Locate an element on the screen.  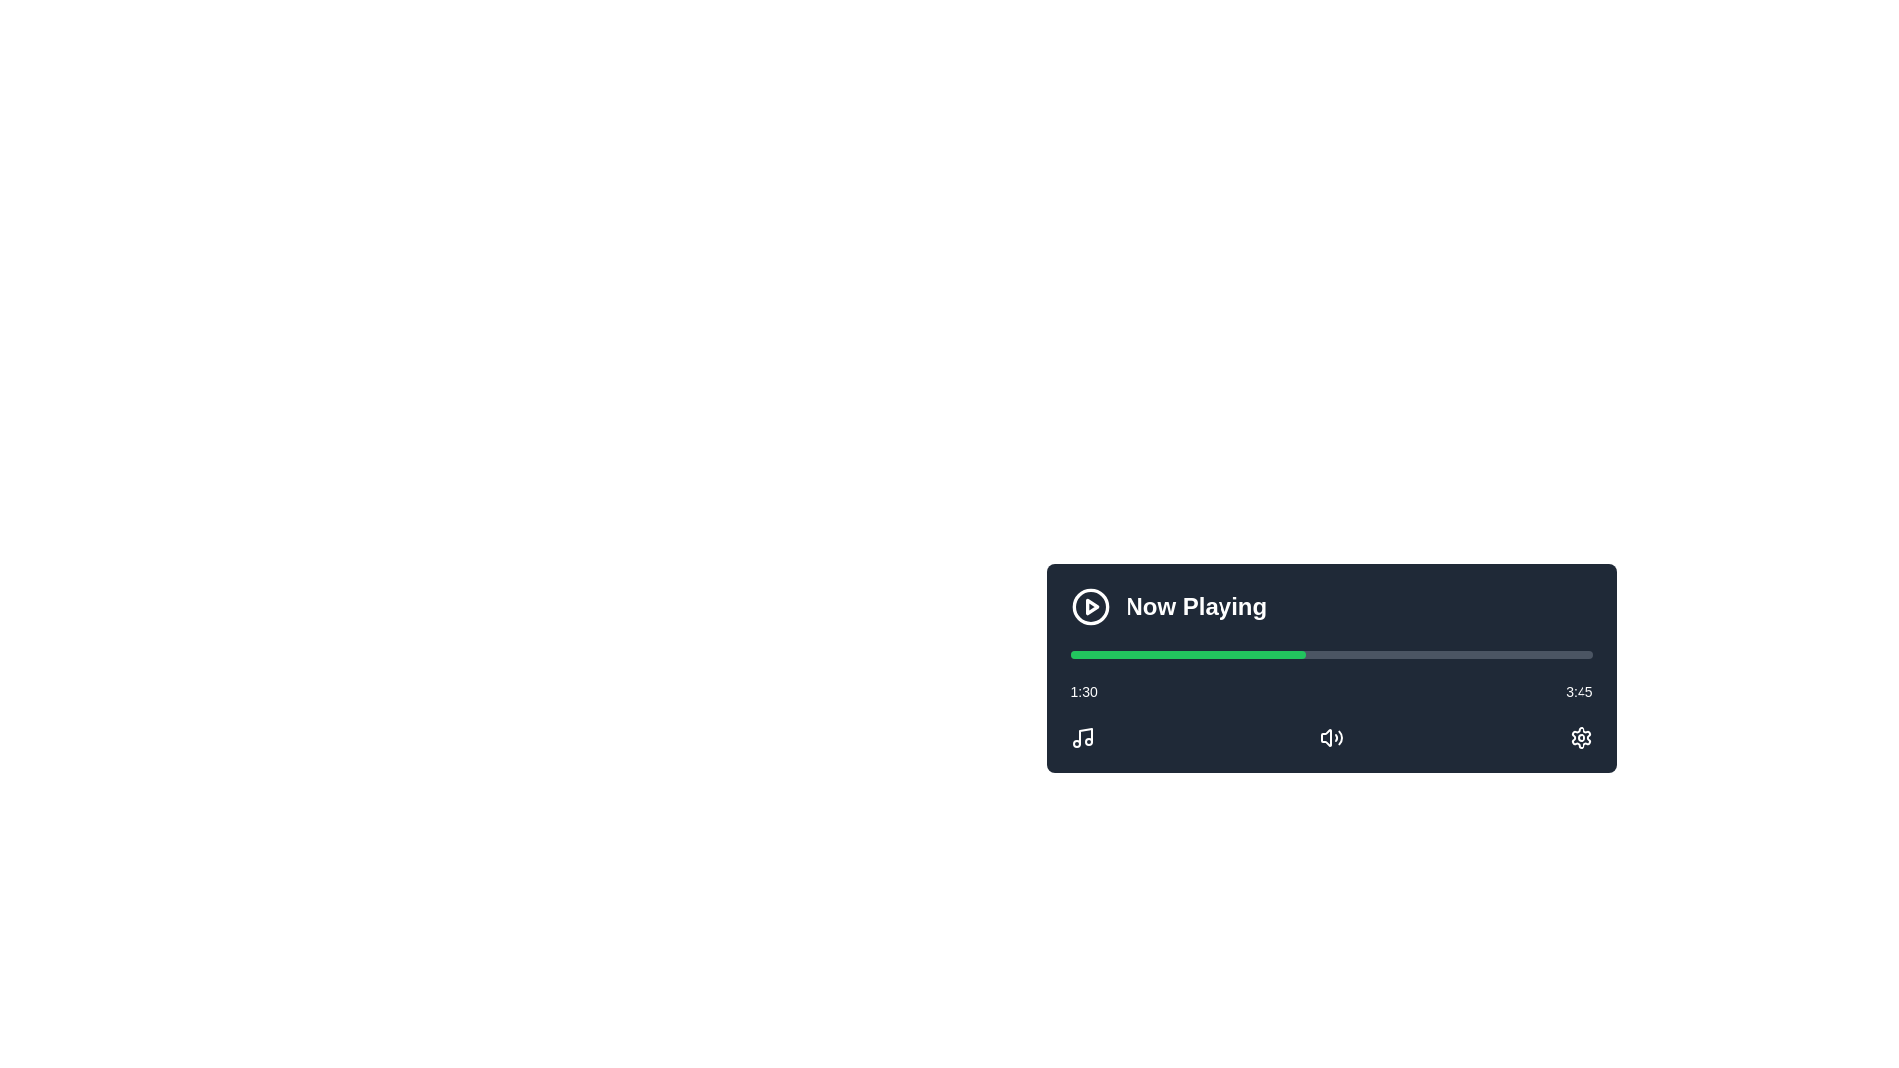
the horizontal progress bar of the Media Control Panel to update the media progress is located at coordinates (1331, 667).